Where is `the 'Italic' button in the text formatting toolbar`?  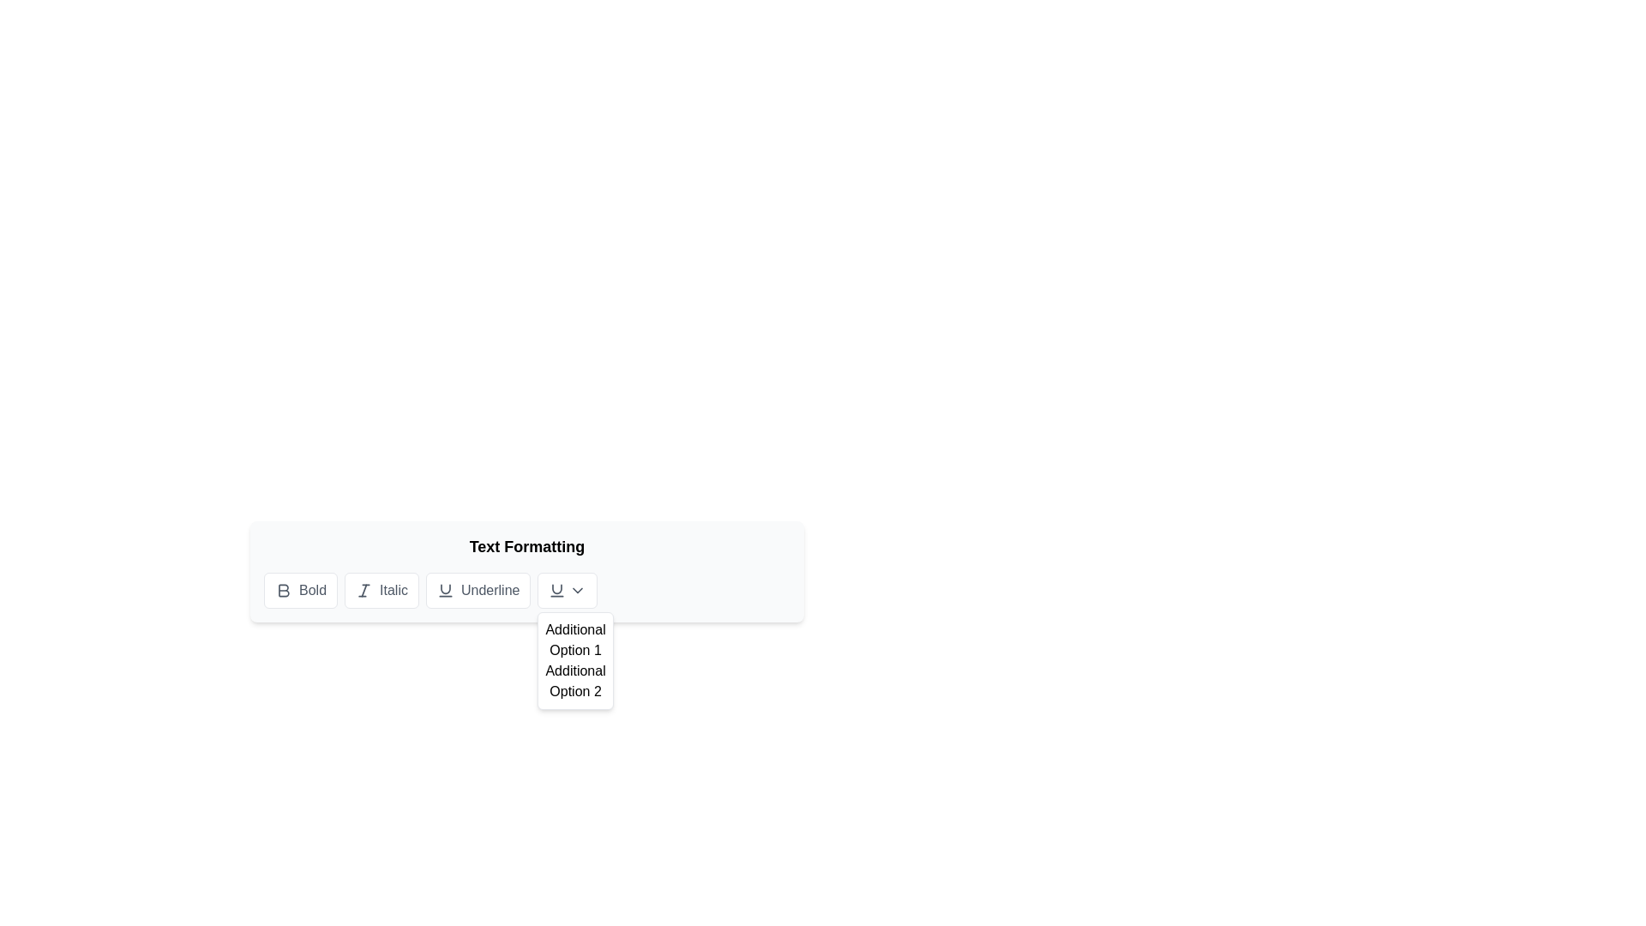
the 'Italic' button in the text formatting toolbar is located at coordinates (363, 590).